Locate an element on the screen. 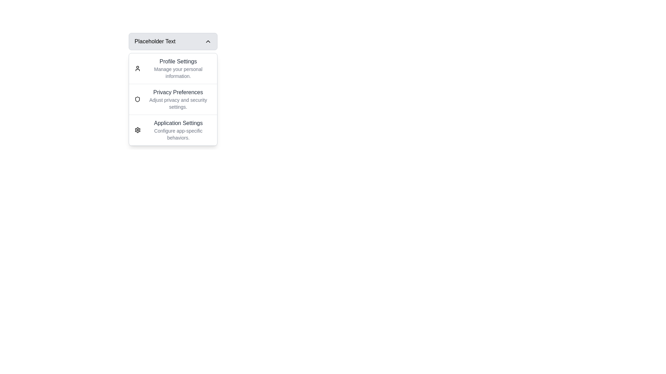 The width and height of the screenshot is (666, 374). the 'settings' icon located to the left of the 'Application Settings' text in the dropdown menu is located at coordinates (138, 130).